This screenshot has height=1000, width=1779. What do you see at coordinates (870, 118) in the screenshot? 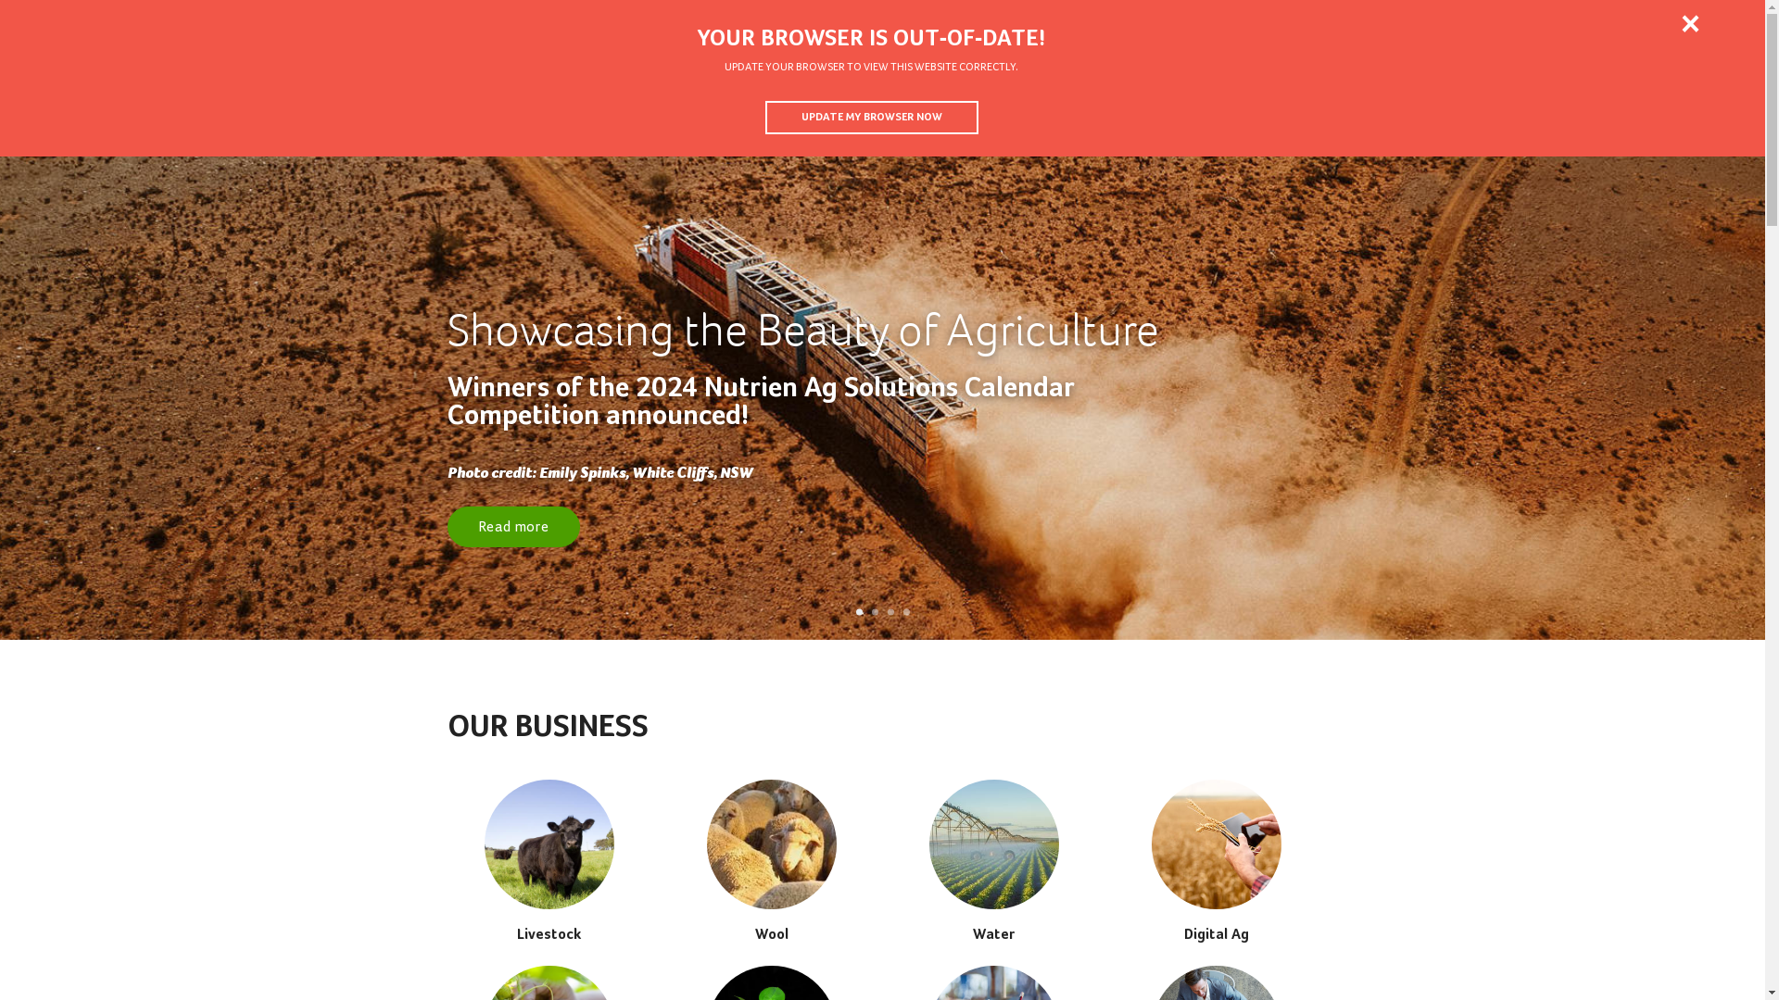
I see `'UPDATE MY BROWSER NOW'` at bounding box center [870, 118].